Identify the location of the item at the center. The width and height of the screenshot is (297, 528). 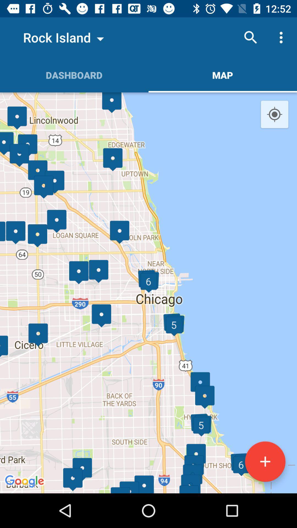
(148, 293).